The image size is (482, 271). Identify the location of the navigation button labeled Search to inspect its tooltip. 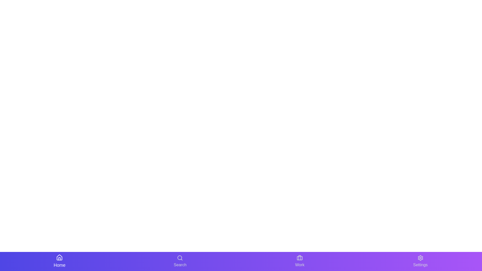
(180, 261).